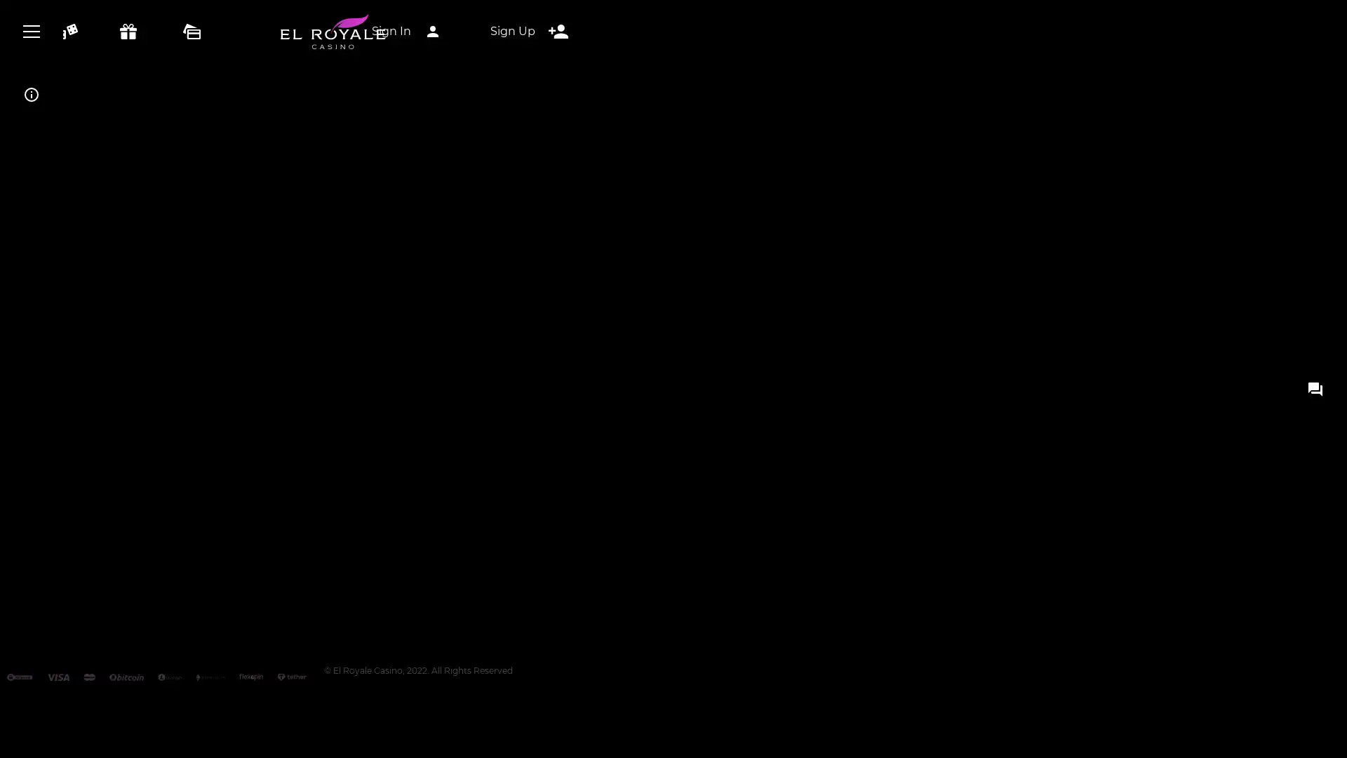 The image size is (1347, 758). What do you see at coordinates (673, 61) in the screenshot?
I see `Create Account` at bounding box center [673, 61].